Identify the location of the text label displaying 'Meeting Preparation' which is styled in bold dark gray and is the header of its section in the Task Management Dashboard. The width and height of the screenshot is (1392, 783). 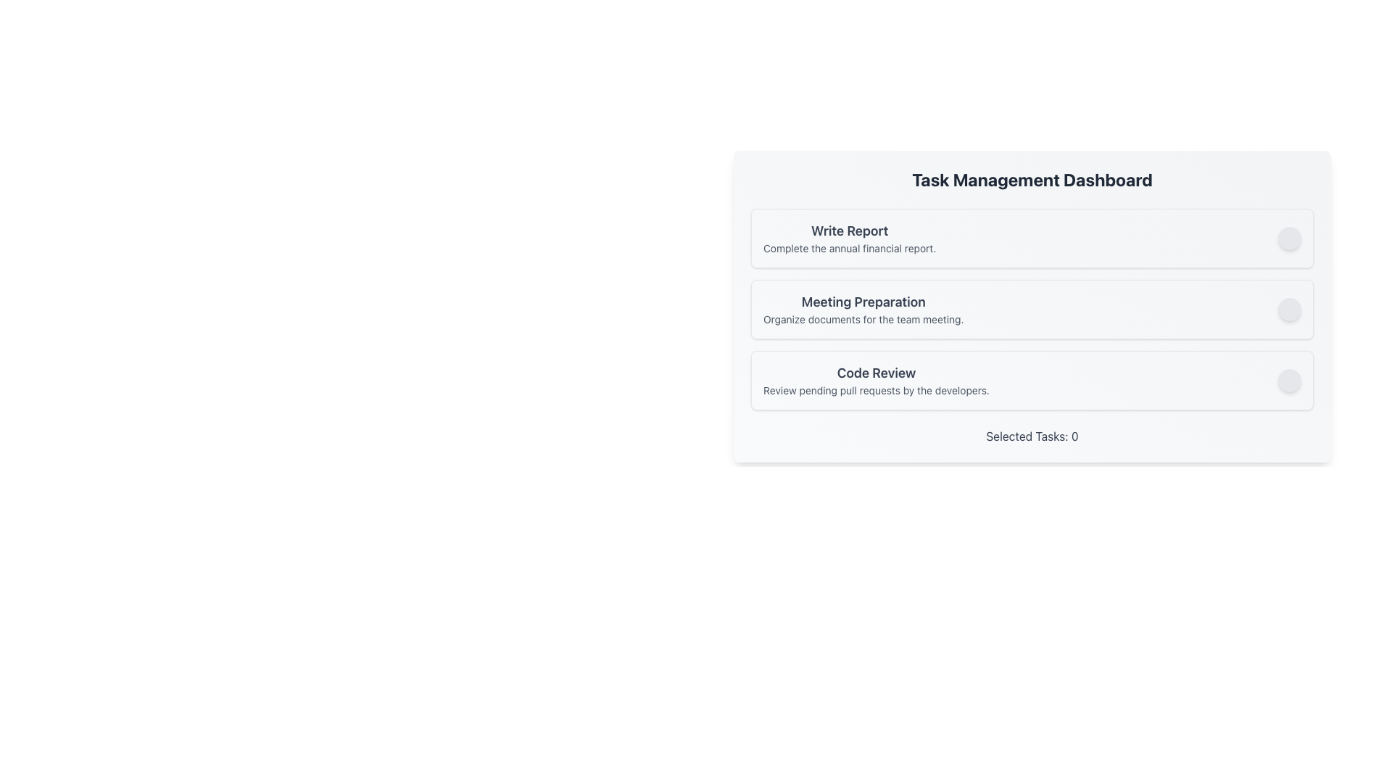
(863, 301).